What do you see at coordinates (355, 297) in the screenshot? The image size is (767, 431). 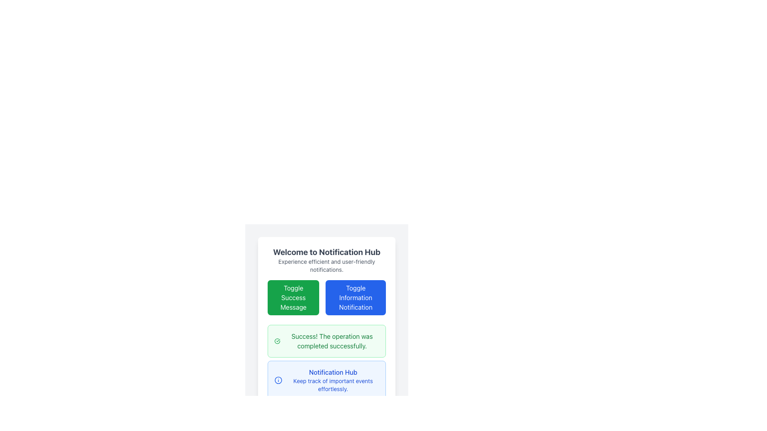 I see `the blue button labeled 'Toggle Information Notification'` at bounding box center [355, 297].